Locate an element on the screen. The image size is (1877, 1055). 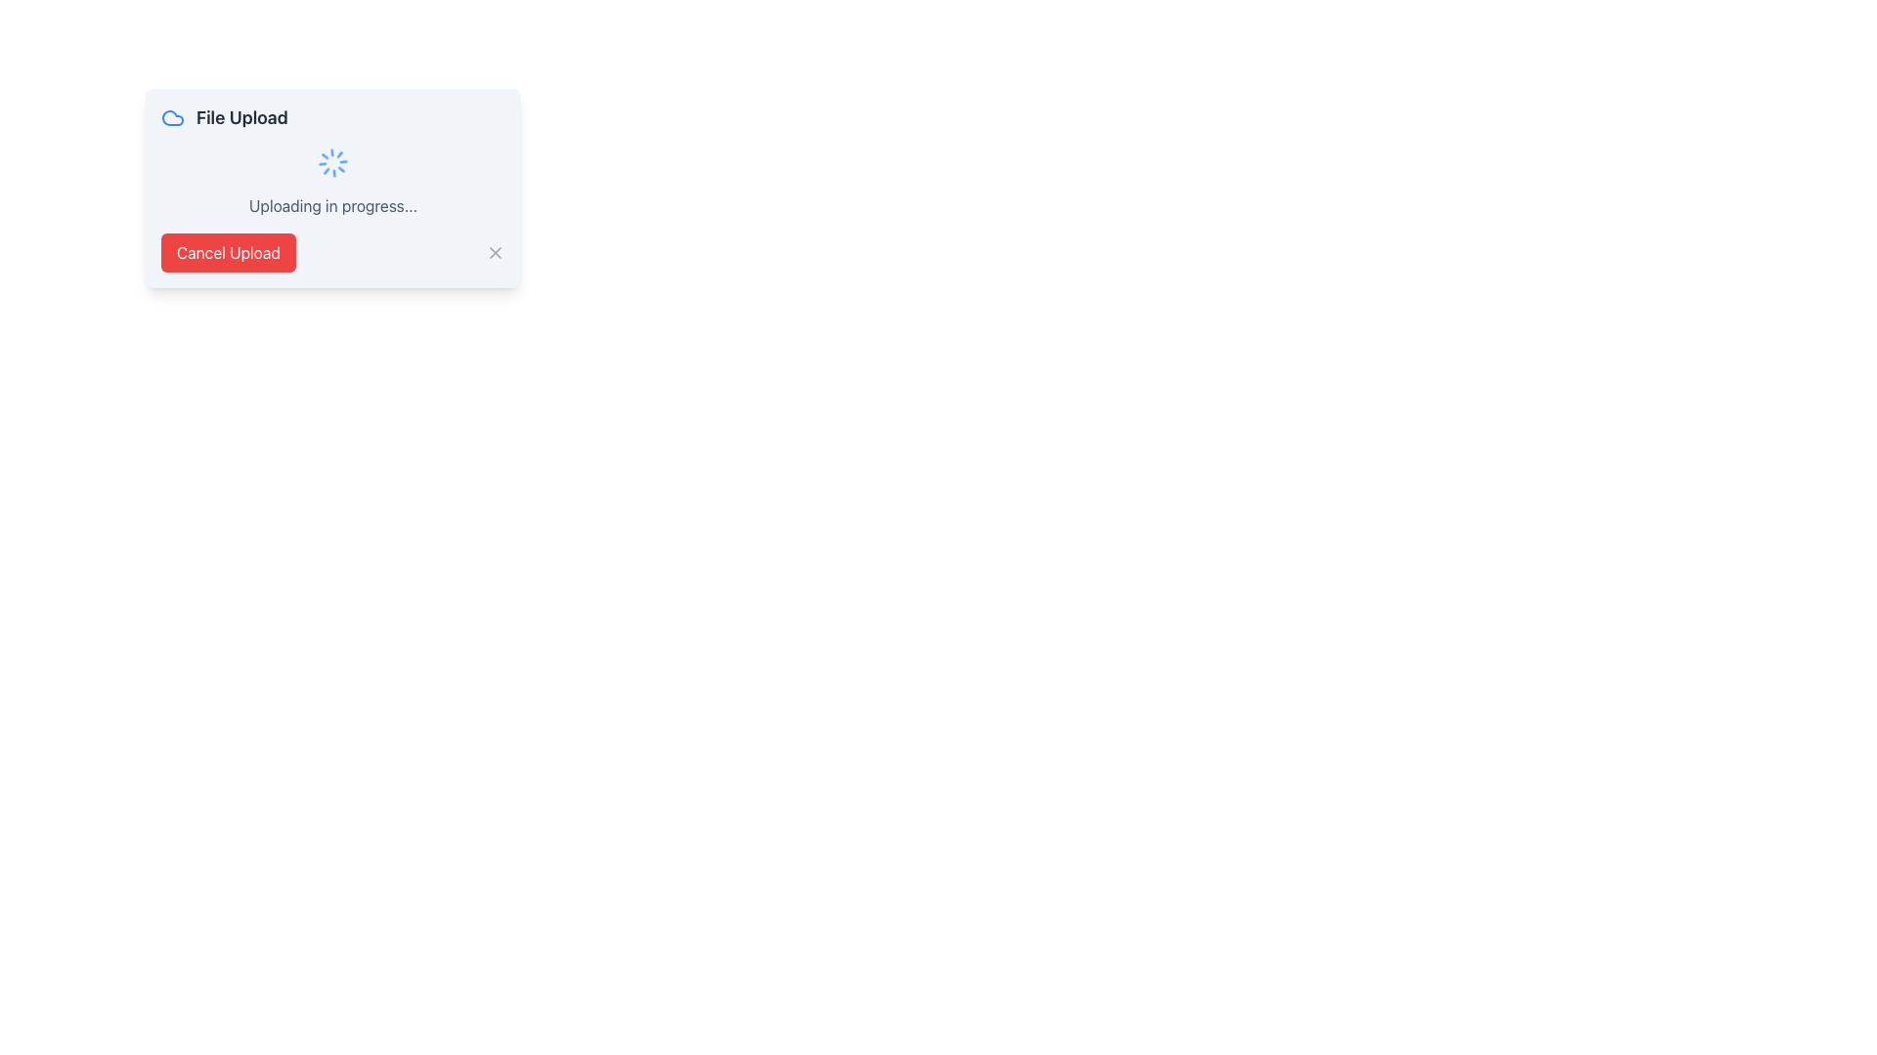
the Text Label that indicates the interface or section related to uploading files, located in the upper-left quadrant of the dialog box, to the right of a blue cloud icon is located at coordinates (240, 117).